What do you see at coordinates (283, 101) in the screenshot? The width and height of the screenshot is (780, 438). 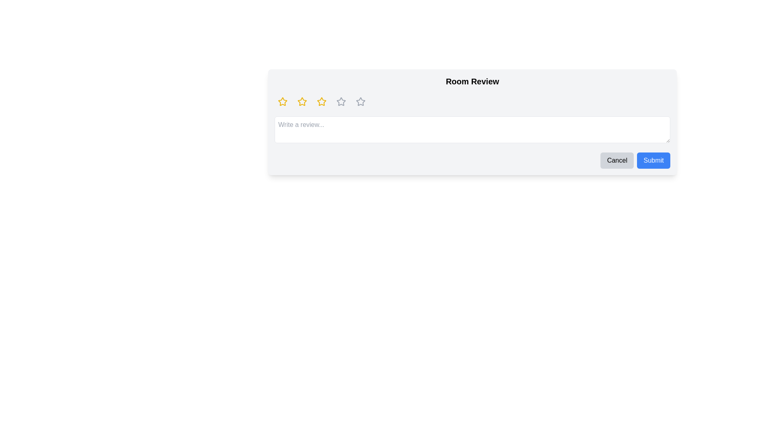 I see `the first yellow star in the rating widget` at bounding box center [283, 101].